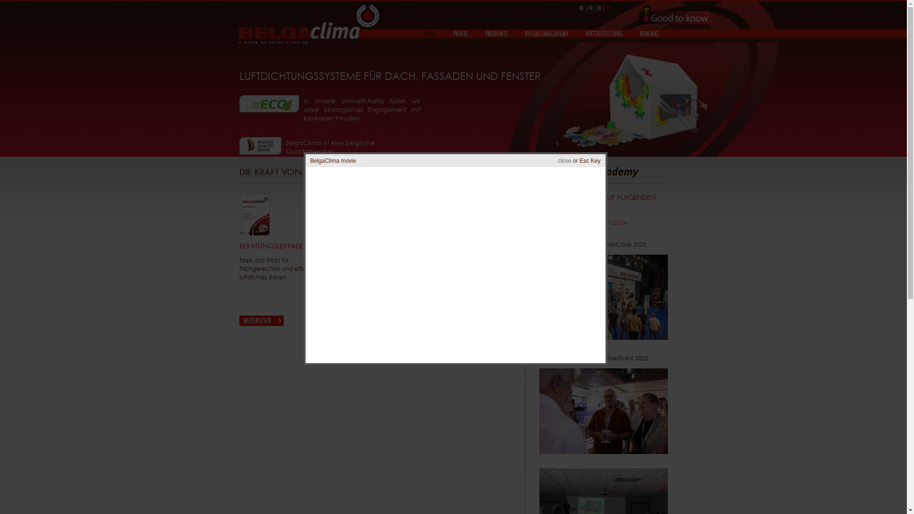  I want to click on 'Polyclose - 17-18-19/01/2024 - Gent/Flanders Expo', so click(588, 226).